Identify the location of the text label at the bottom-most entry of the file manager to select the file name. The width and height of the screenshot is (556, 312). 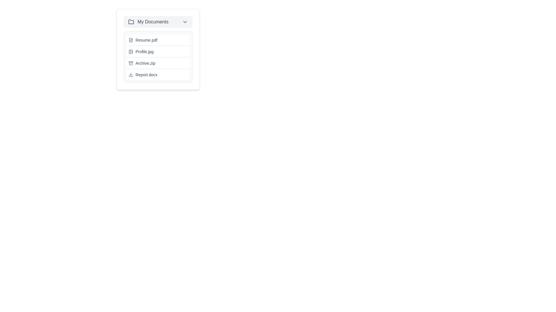
(146, 74).